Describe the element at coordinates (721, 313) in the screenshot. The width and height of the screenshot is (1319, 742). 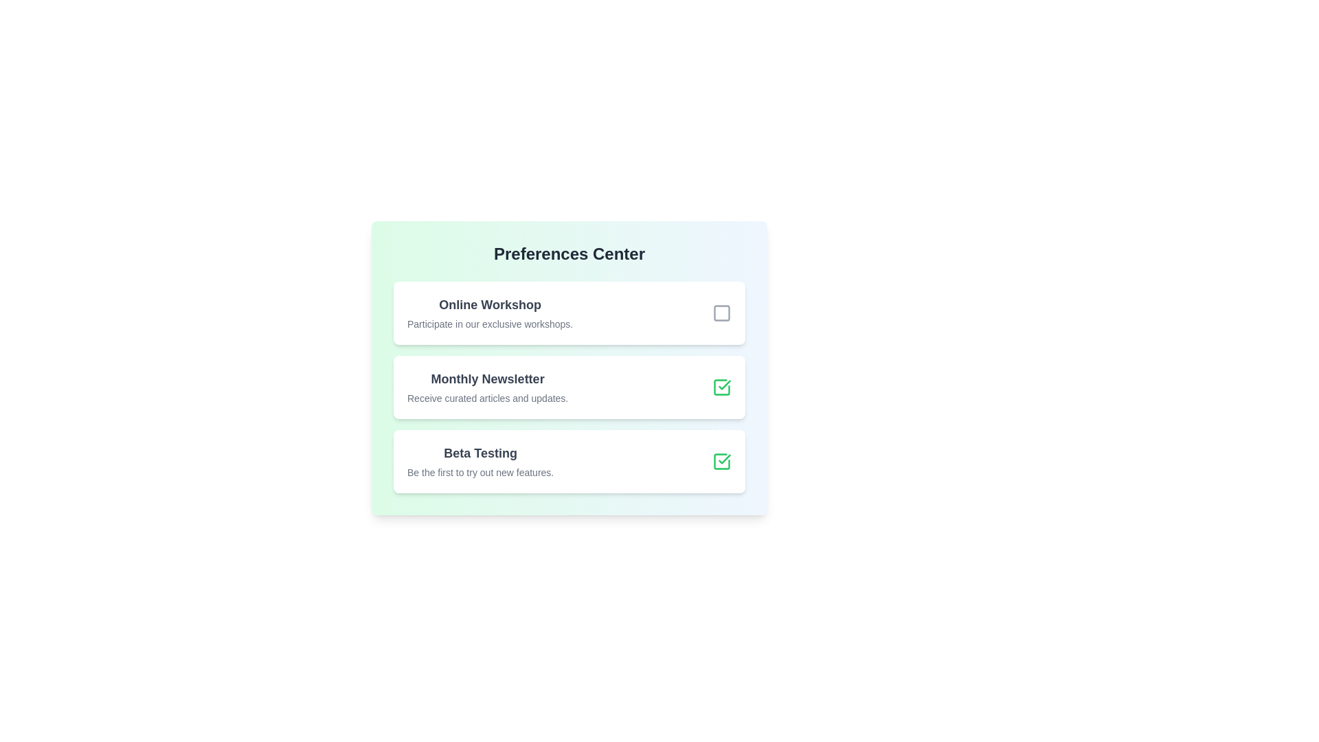
I see `the square checkbox indicator at the end of the 'Online Workshop' row` at that location.